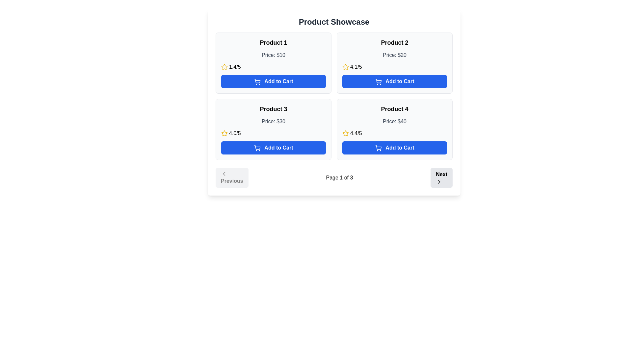 This screenshot has width=632, height=355. I want to click on the 'Add to Cart' button with a blue background and white text, located in the bottom-right section of 'Product 4', so click(395, 148).